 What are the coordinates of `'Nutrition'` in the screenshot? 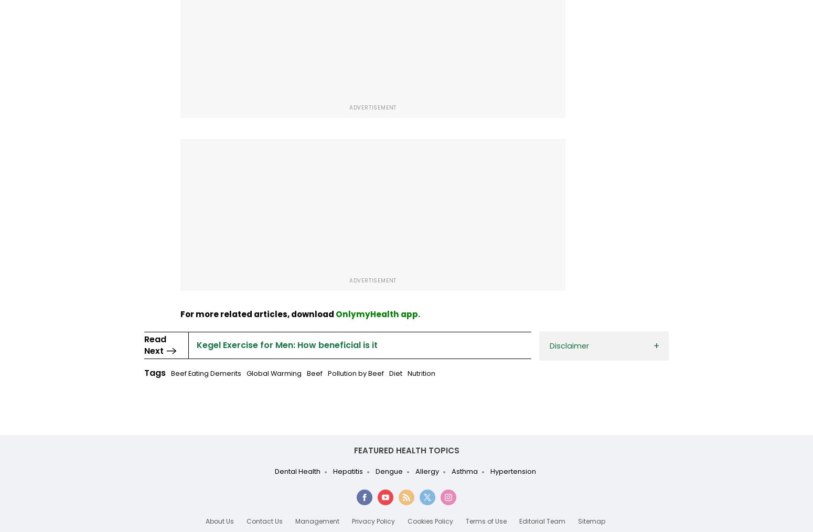 It's located at (421, 373).